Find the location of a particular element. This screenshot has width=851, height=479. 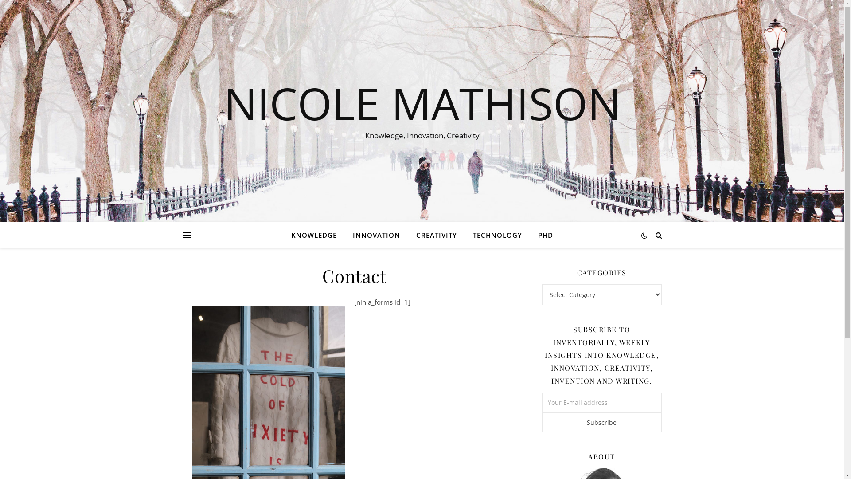

'PHD' is located at coordinates (542, 234).